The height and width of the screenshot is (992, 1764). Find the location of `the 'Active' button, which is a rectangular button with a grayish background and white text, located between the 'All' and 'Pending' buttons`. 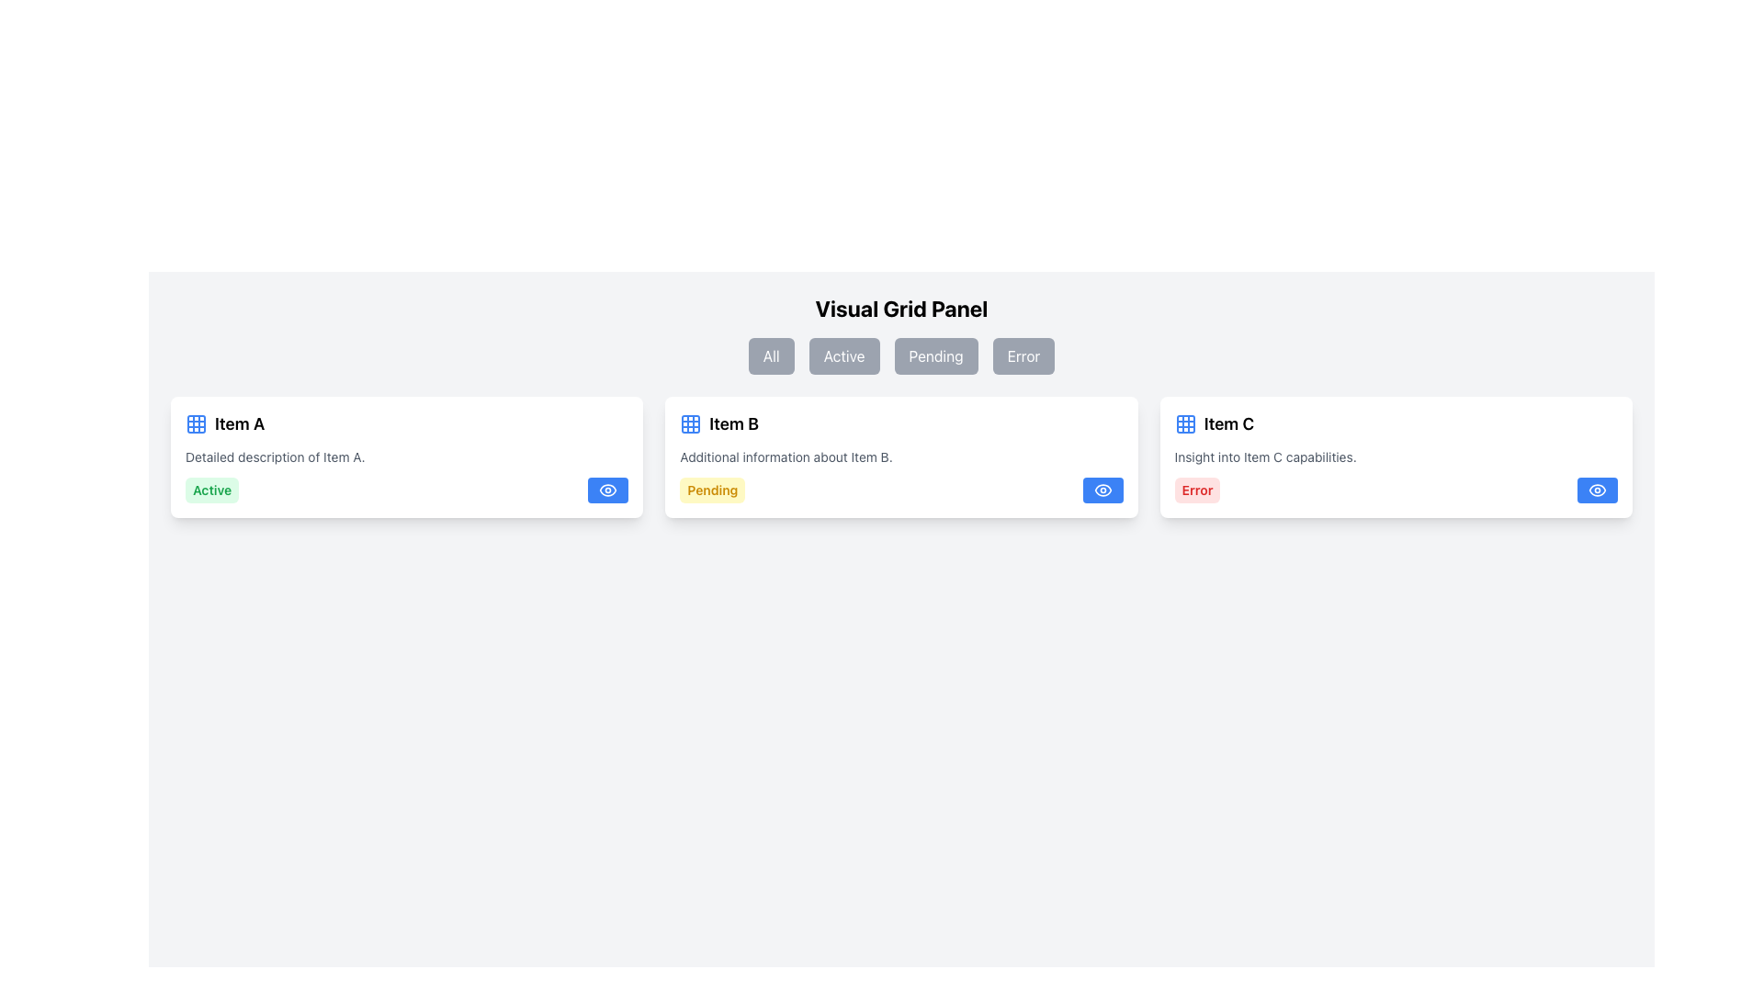

the 'Active' button, which is a rectangular button with a grayish background and white text, located between the 'All' and 'Pending' buttons is located at coordinates (843, 356).